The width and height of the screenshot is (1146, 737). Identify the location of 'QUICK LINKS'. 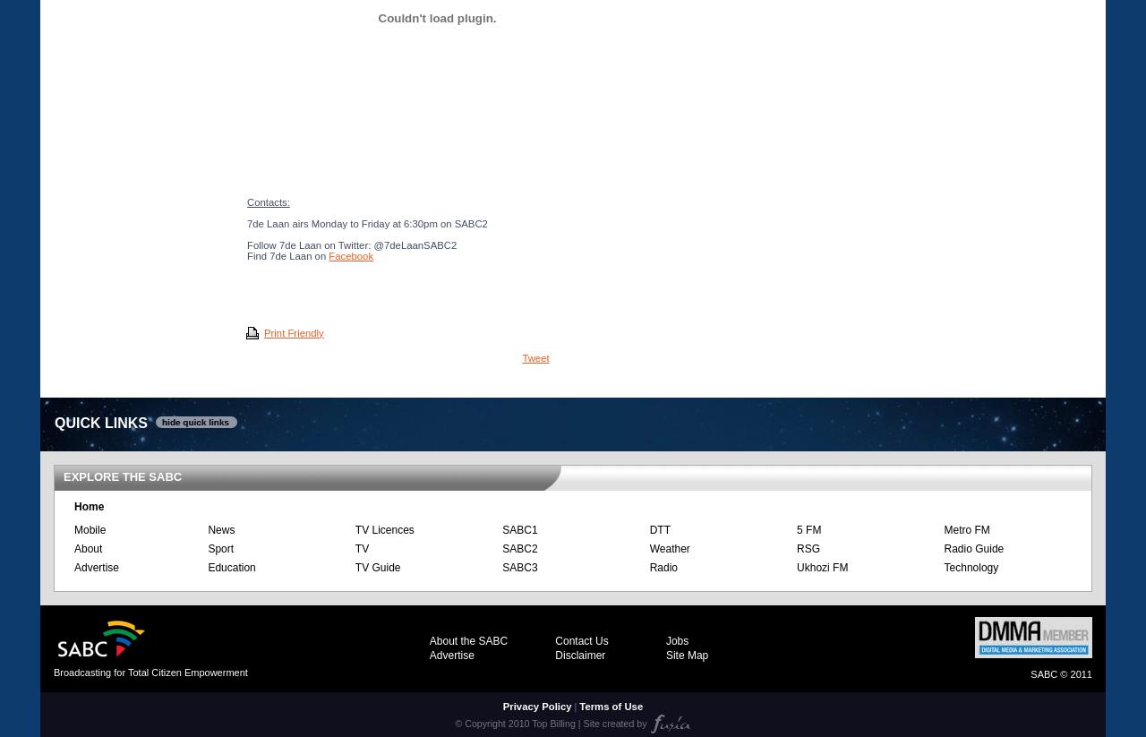
(100, 421).